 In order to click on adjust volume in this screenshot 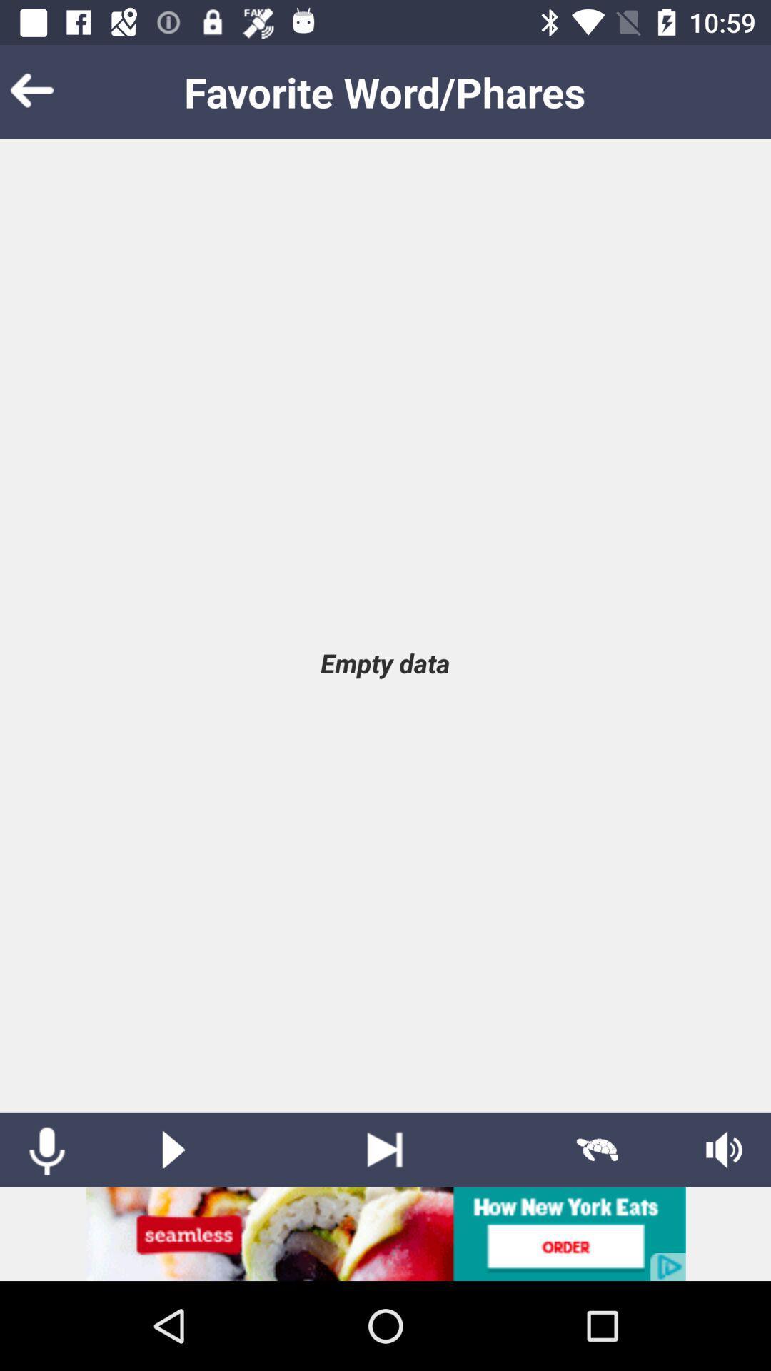, I will do `click(724, 1150)`.